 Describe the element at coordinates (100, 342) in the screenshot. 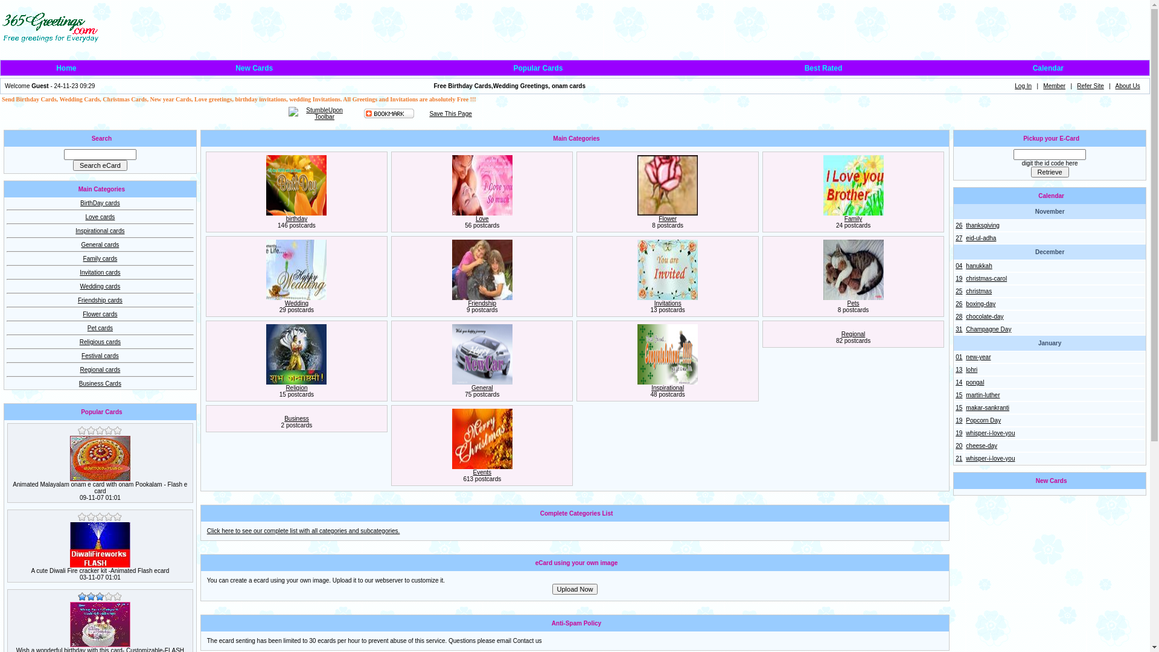

I see `'Religious cards'` at that location.